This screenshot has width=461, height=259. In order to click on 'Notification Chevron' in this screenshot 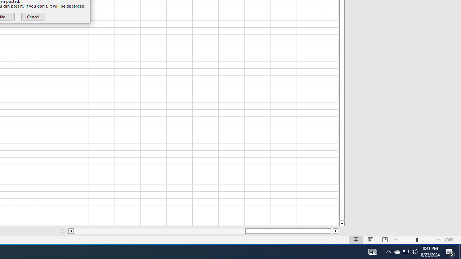, I will do `click(388, 251)`.